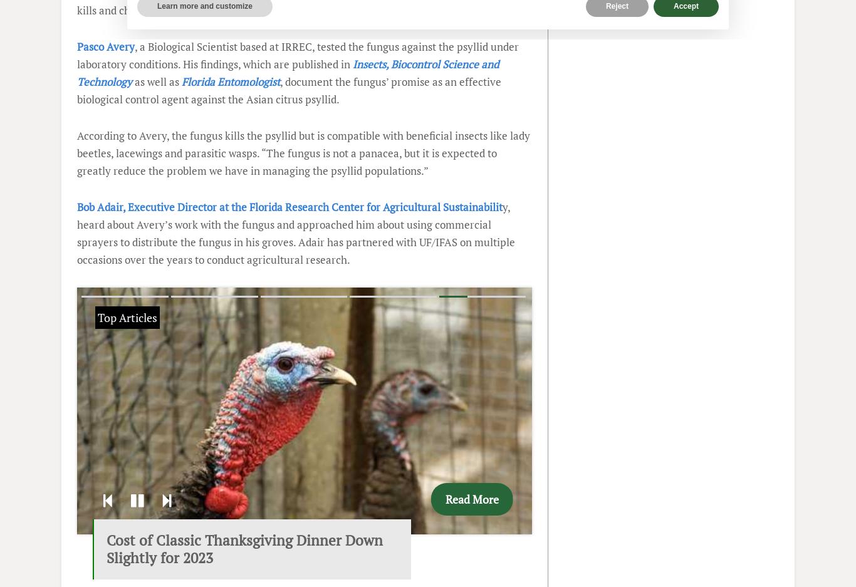 Image resolution: width=856 pixels, height=587 pixels. Describe the element at coordinates (303, 152) in the screenshot. I see `'According to Avery, the fungus kills the psyllid but is compatible with beneficial insects like lady beetles, lacewings and parasitic wasps. “The fungus is not a panacea, but it is expected to greatly reduce the problem we have in managing the psyllid populations.”'` at that location.